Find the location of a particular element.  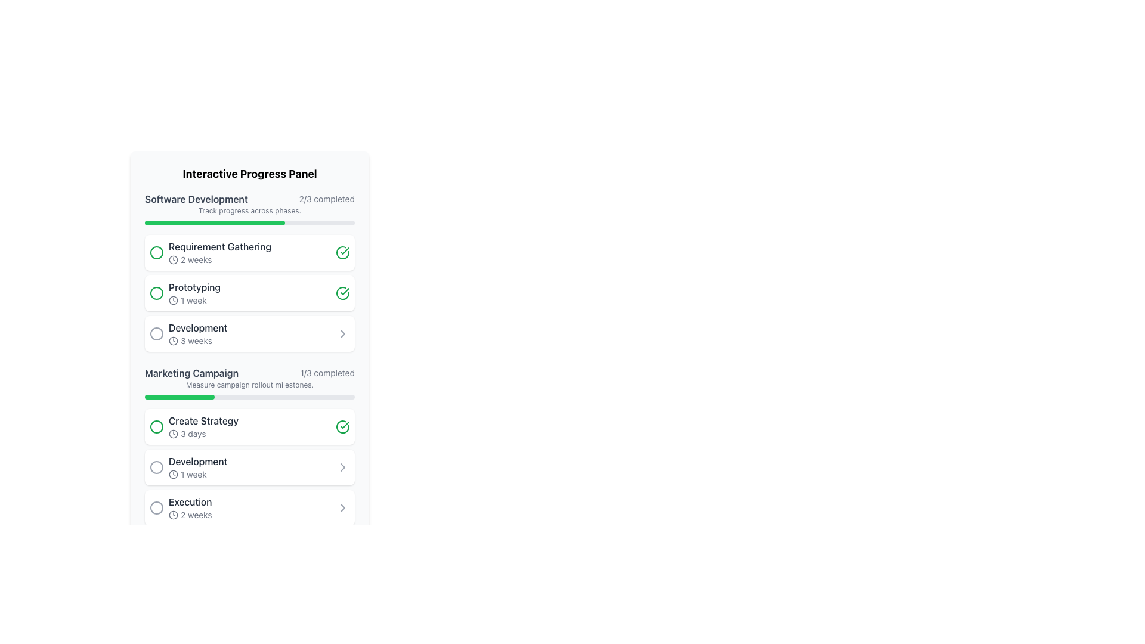

the List Component that summarizes phases in the software development process is located at coordinates (249, 293).